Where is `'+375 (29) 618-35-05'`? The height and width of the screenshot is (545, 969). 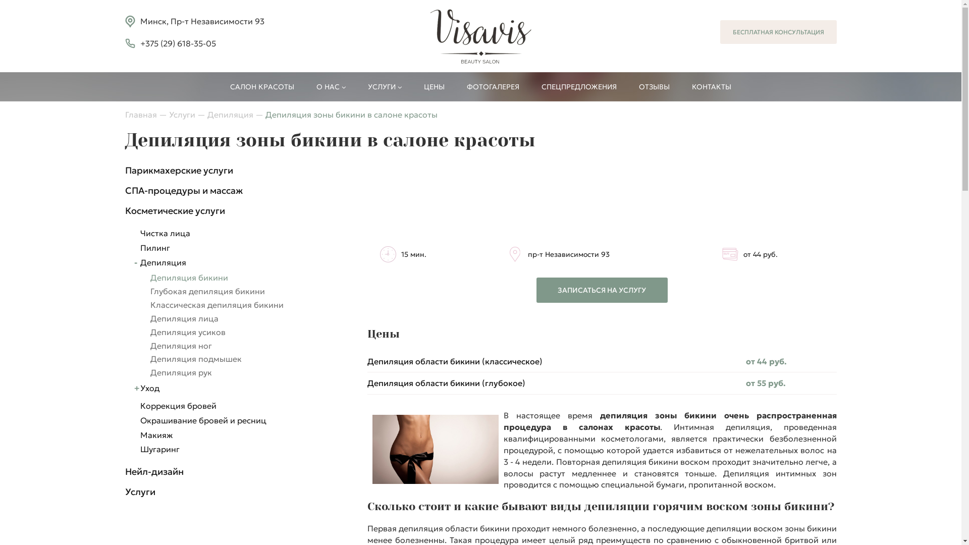
'+375 (29) 618-35-05' is located at coordinates (178, 43).